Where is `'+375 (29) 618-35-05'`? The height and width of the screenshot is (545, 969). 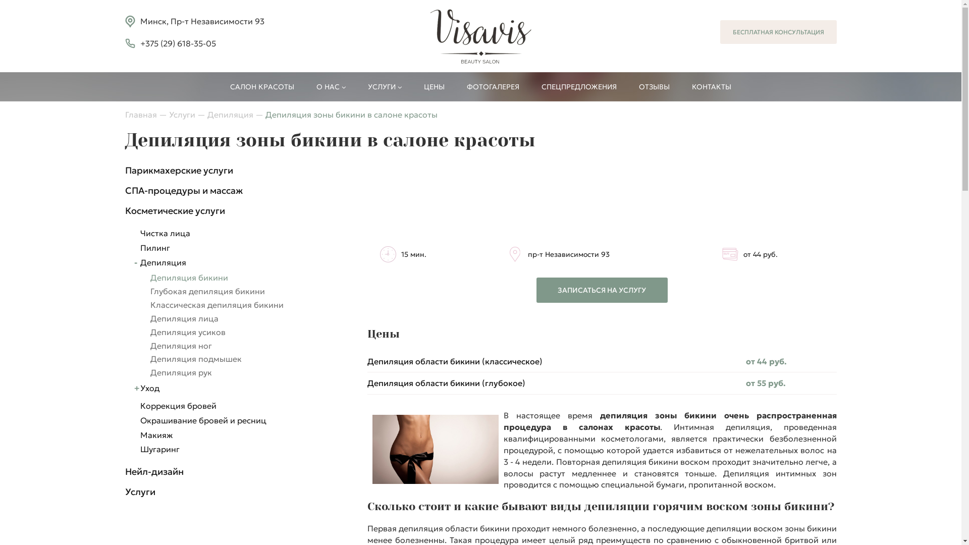
'+375 (29) 618-35-05' is located at coordinates (178, 43).